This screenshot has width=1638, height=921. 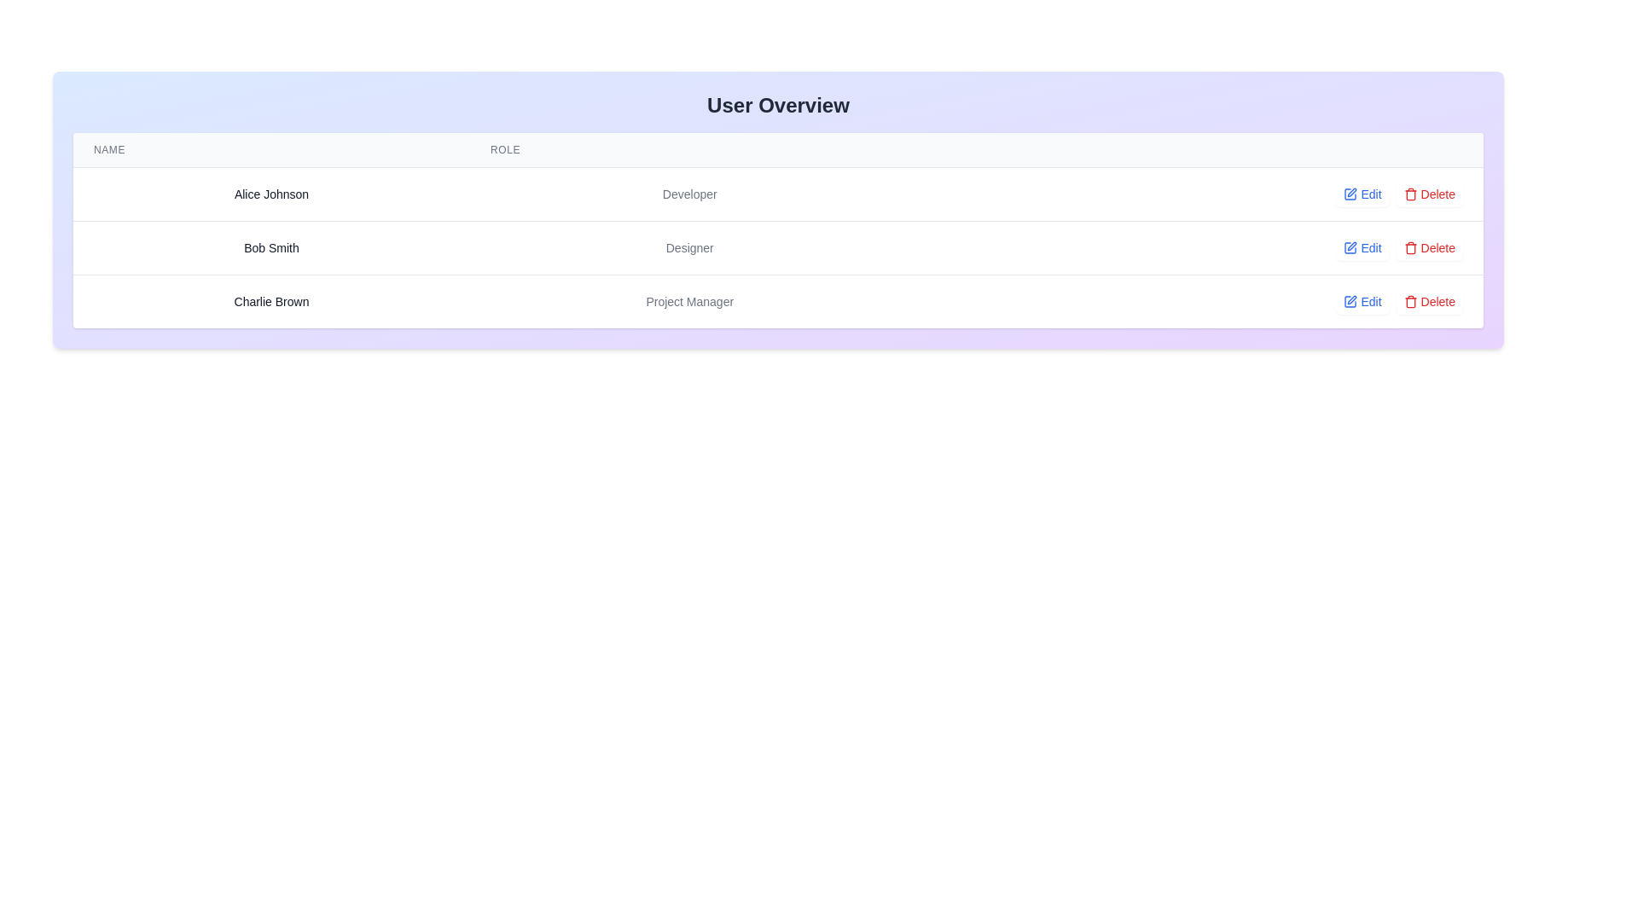 What do you see at coordinates (1351, 192) in the screenshot?
I see `the edit icon located at the beginning of the action buttons for the first user in the list` at bounding box center [1351, 192].